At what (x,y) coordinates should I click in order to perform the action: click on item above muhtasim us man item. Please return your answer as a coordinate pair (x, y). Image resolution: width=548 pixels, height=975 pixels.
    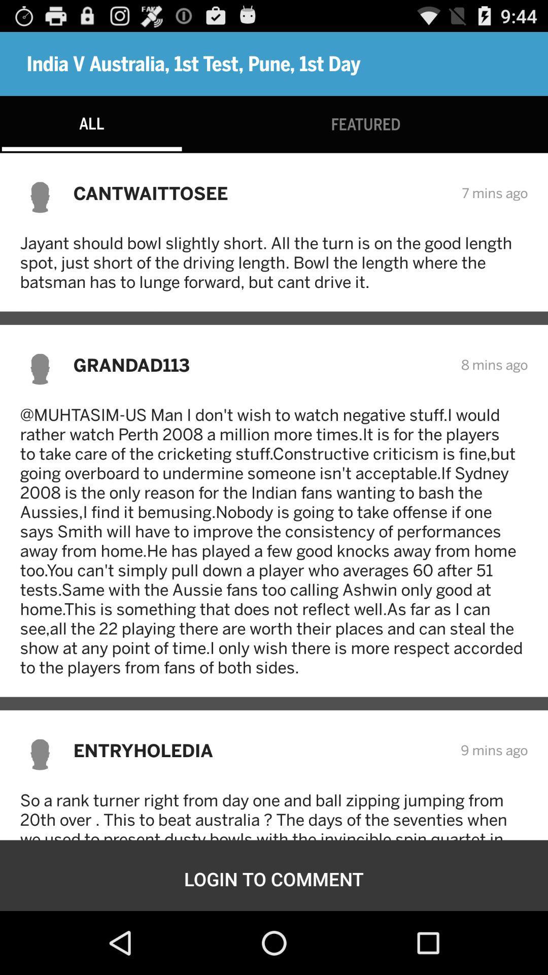
    Looking at the image, I should click on (260, 365).